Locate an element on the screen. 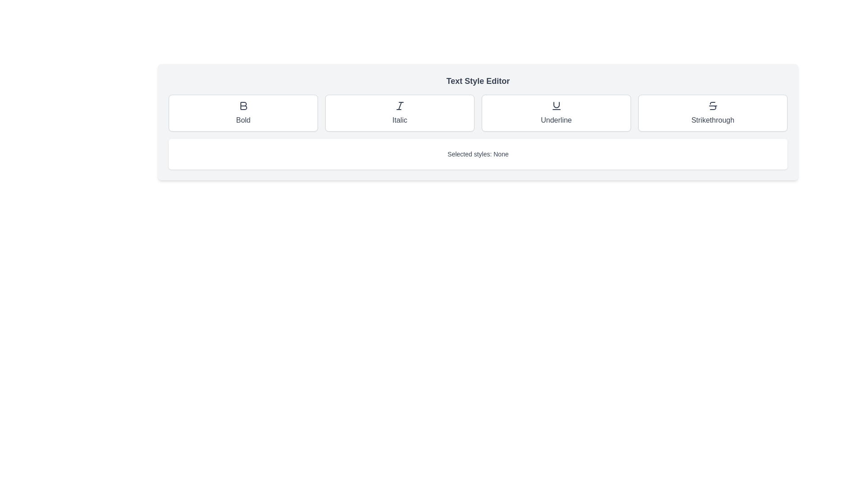 The width and height of the screenshot is (866, 487). the stylized 'I' icon within the 'Italic' button is located at coordinates (399, 106).